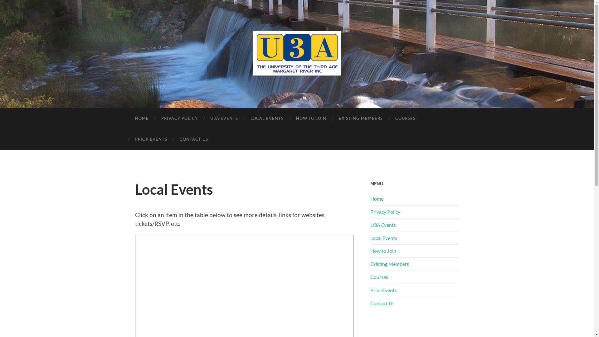  Describe the element at coordinates (141, 118) in the screenshot. I see `'HOME'` at that location.